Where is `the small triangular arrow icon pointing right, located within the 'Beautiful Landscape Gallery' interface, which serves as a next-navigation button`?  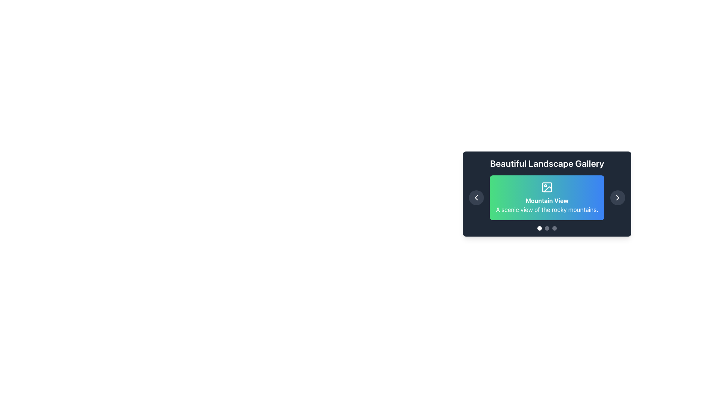
the small triangular arrow icon pointing right, located within the 'Beautiful Landscape Gallery' interface, which serves as a next-navigation button is located at coordinates (617, 197).